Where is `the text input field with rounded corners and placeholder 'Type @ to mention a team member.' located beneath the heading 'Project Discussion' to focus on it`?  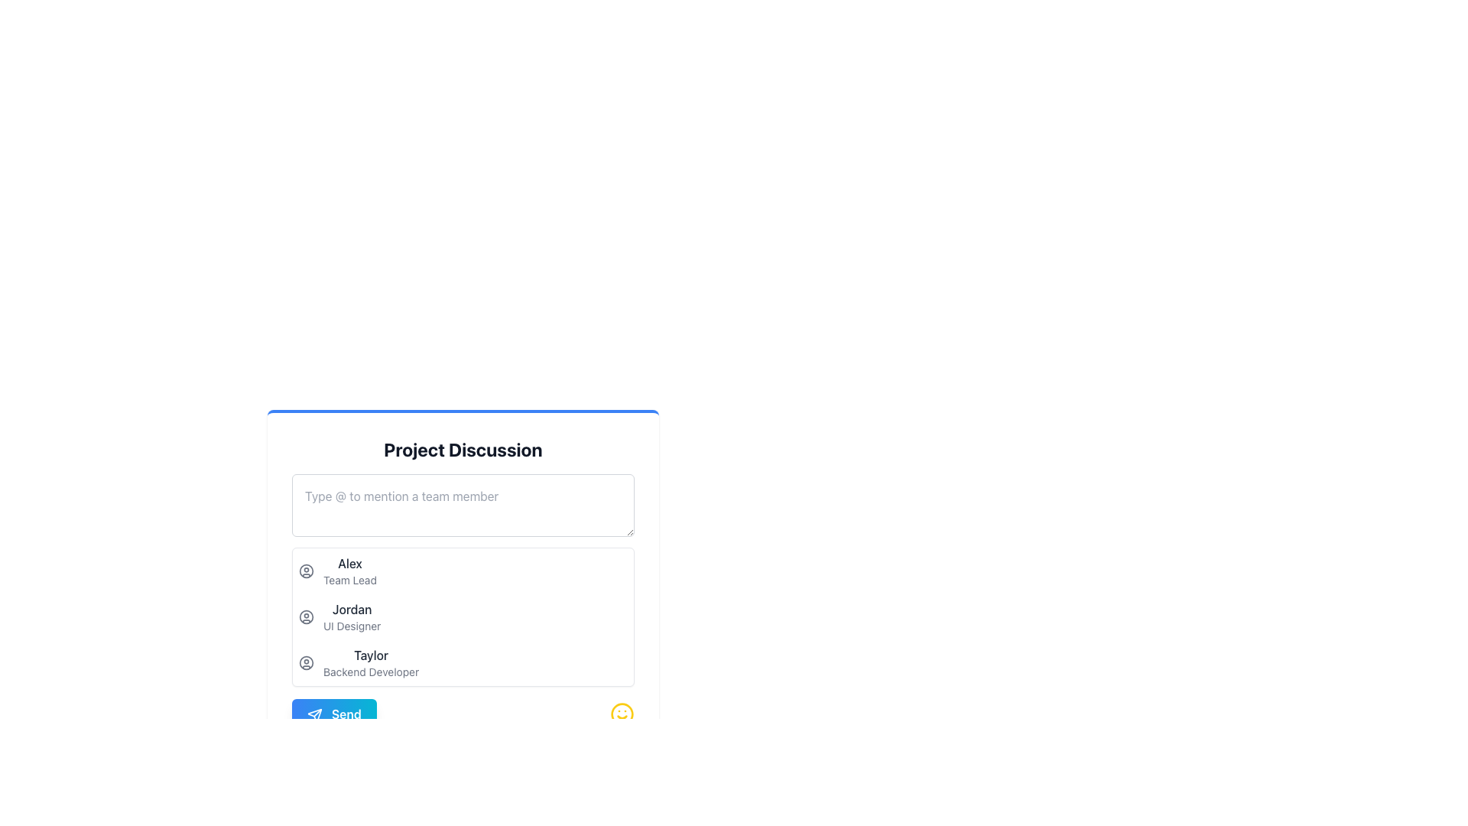 the text input field with rounded corners and placeholder 'Type @ to mention a team member.' located beneath the heading 'Project Discussion' to focus on it is located at coordinates (462, 505).